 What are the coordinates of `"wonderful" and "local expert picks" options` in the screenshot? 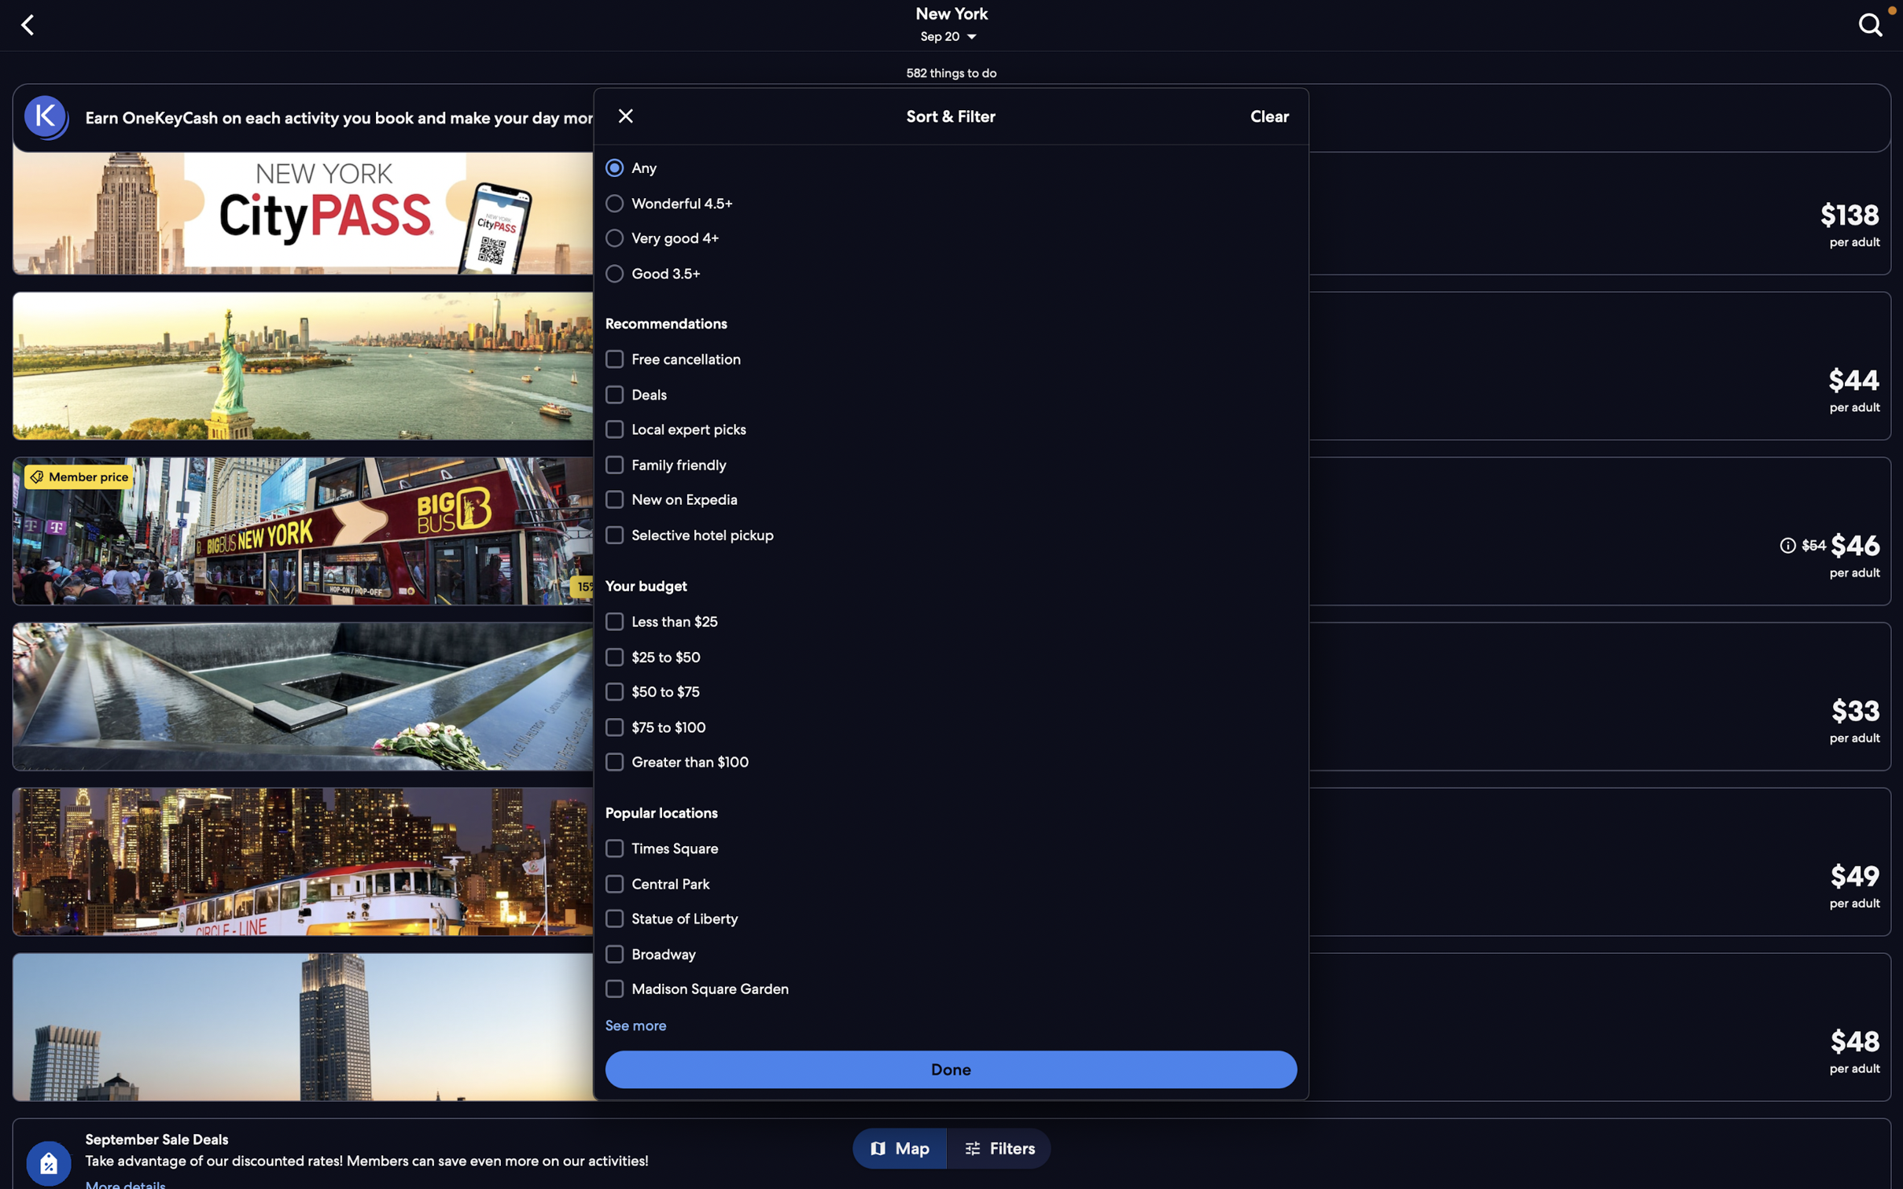 It's located at (948, 203).